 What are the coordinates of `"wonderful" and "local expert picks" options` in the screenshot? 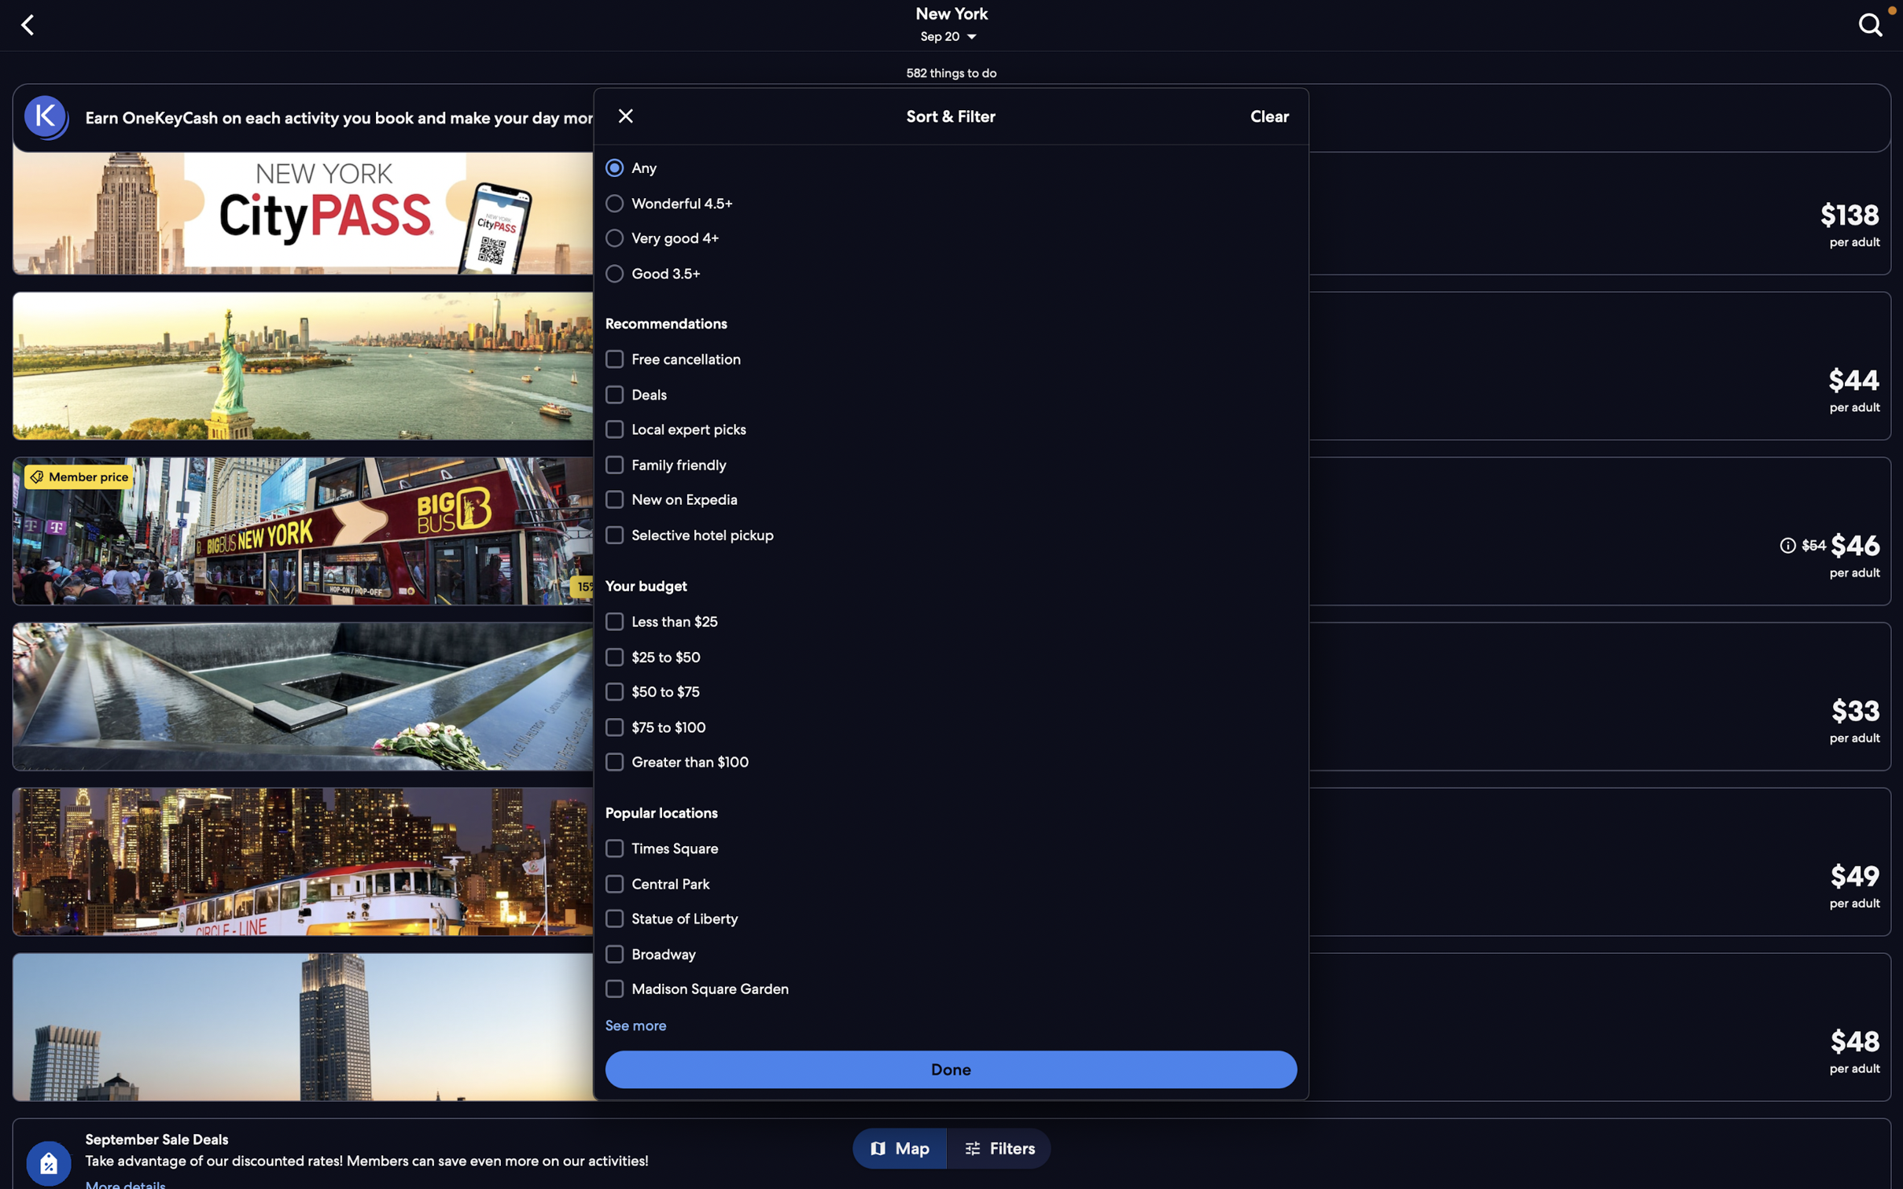 It's located at (948, 203).